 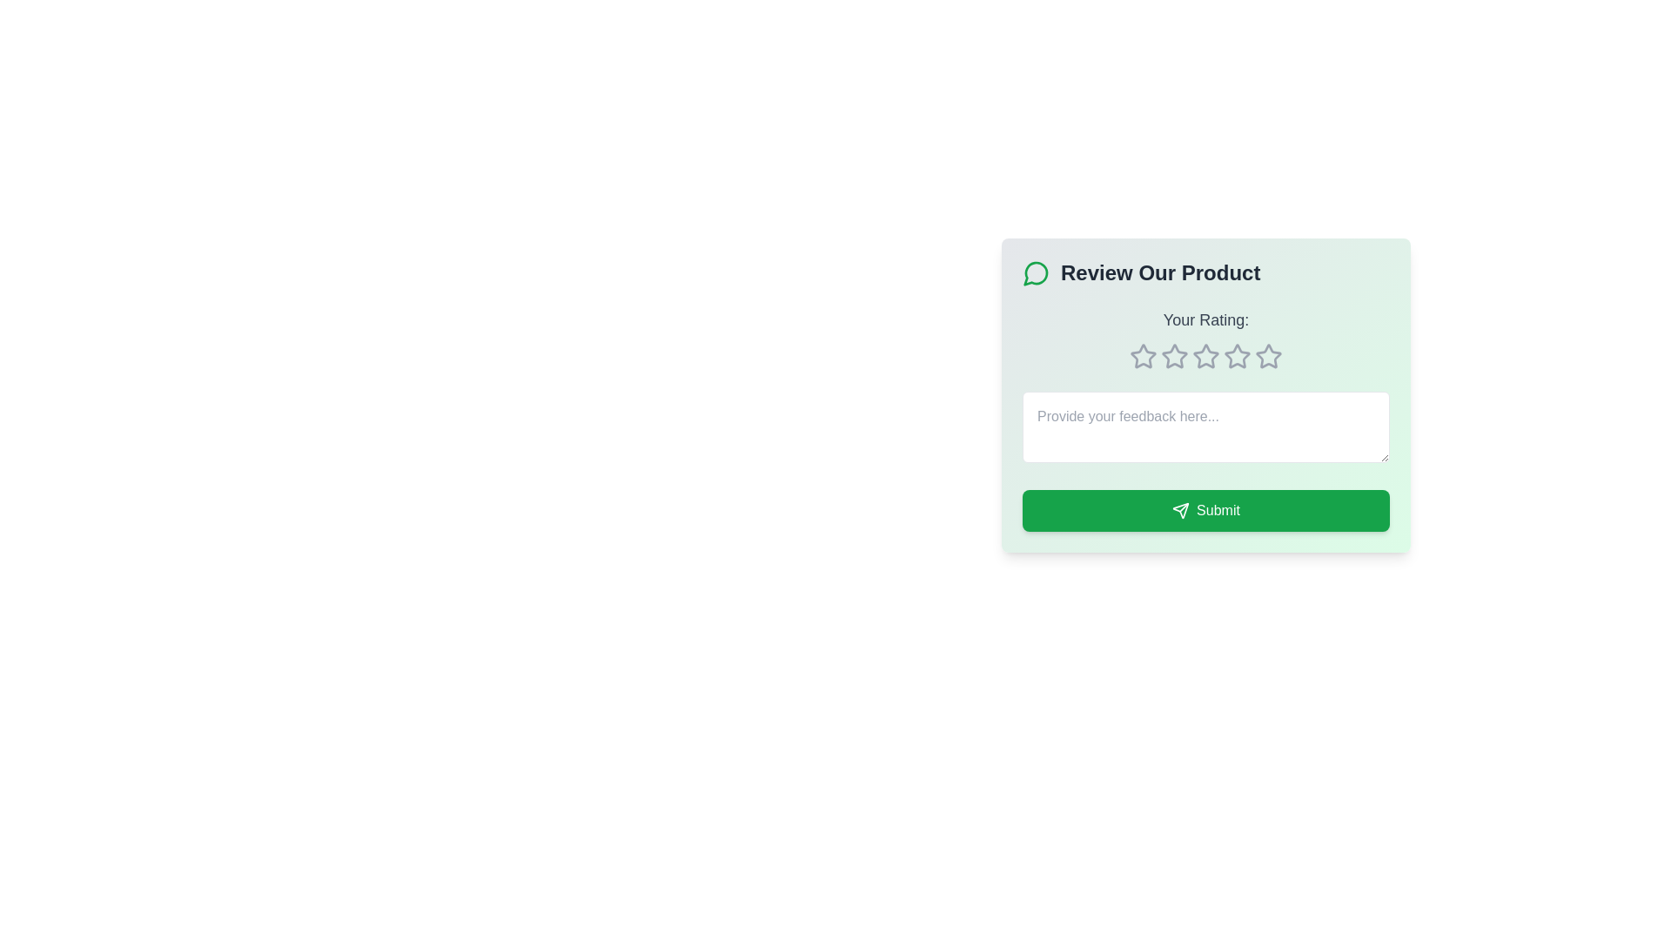 I want to click on the Text Label with Icon that reads 'Review Our Product' and features a green message bubble icon to its left, located at the top of a rectangular card, so click(x=1205, y=272).